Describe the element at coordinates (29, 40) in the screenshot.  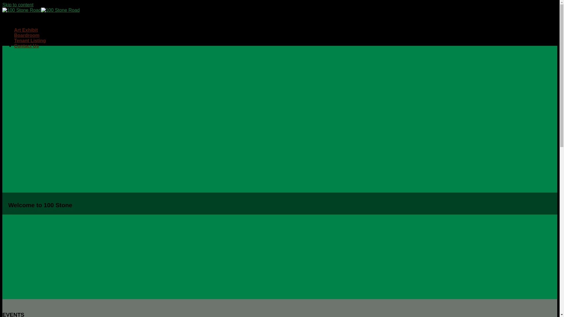
I see `'Tenant Listing'` at that location.